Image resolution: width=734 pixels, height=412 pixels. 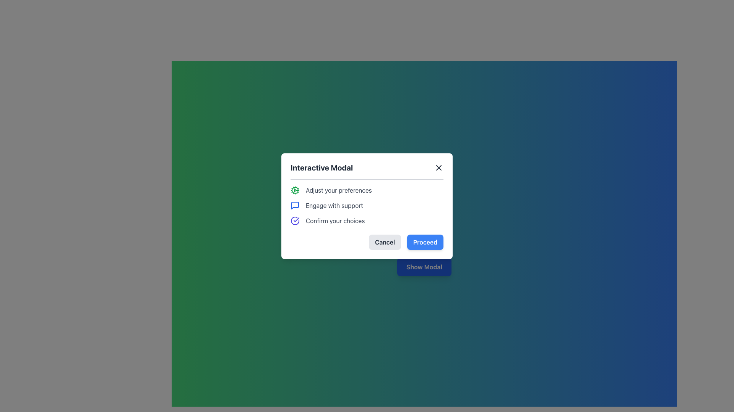 I want to click on the settings icon that represents the 'Adjust your preferences' option, located to the left of the corresponding text in the modal dialog box, so click(x=295, y=189).